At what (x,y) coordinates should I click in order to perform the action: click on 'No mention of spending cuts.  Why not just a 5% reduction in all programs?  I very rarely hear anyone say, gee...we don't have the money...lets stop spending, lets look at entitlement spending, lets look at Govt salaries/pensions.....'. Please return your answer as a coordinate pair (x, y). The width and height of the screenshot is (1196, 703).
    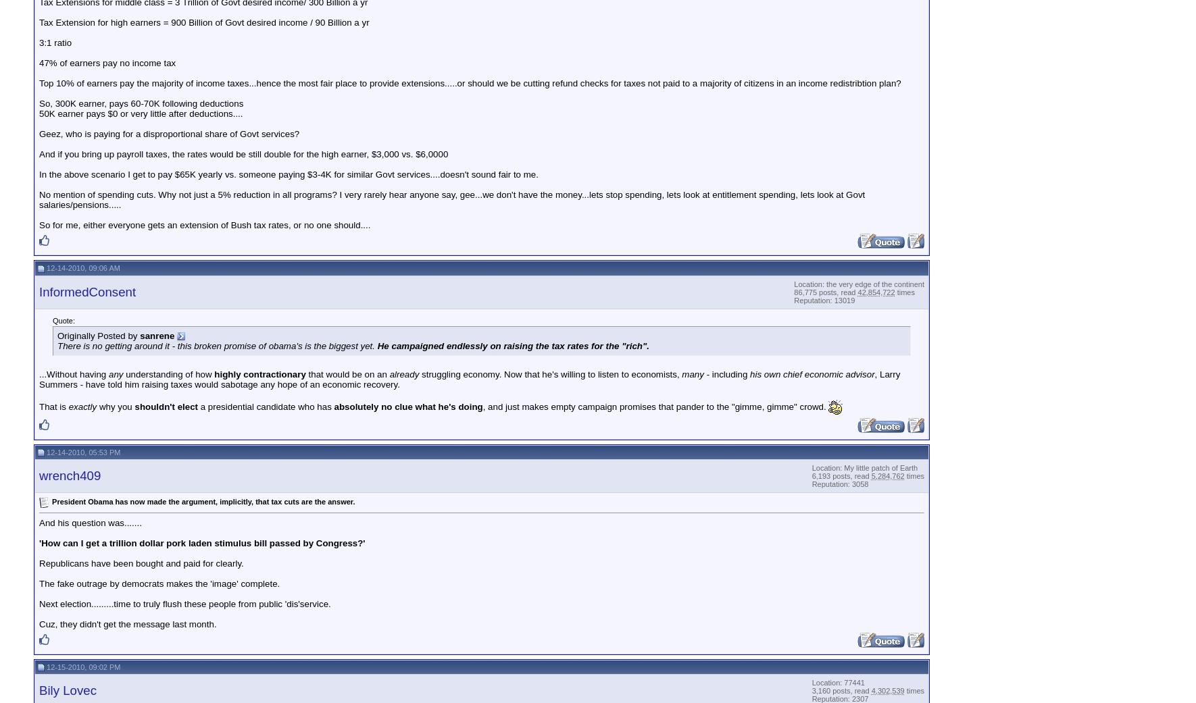
    Looking at the image, I should click on (451, 199).